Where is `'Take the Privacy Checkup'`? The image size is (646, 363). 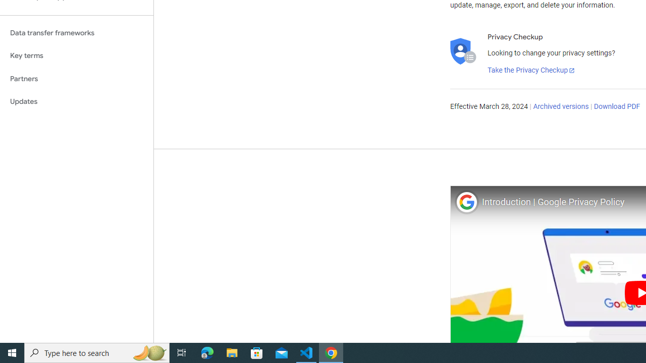 'Take the Privacy Checkup' is located at coordinates (531, 70).